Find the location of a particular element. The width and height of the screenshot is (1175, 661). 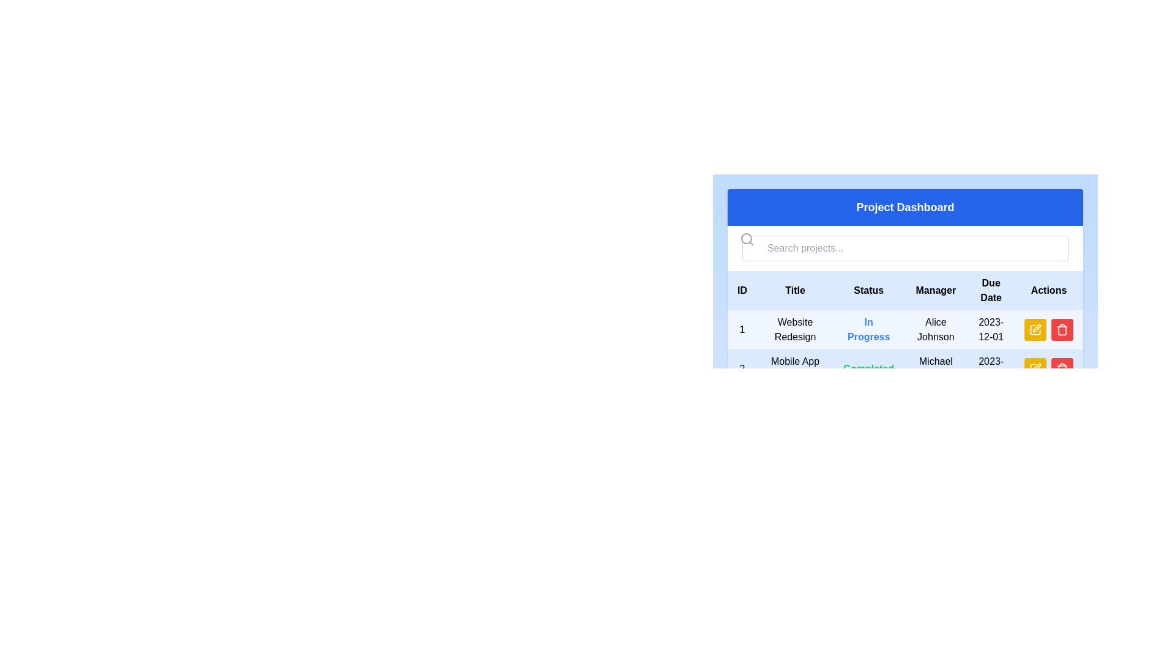

the 'ID' column header in the table, which serves as the header for identifying data under this column is located at coordinates (742, 290).